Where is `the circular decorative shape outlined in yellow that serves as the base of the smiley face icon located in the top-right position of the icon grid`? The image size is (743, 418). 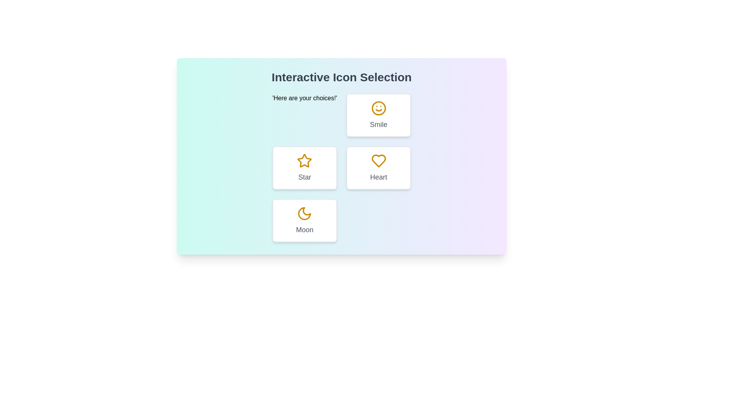 the circular decorative shape outlined in yellow that serves as the base of the smiley face icon located in the top-right position of the icon grid is located at coordinates (378, 108).